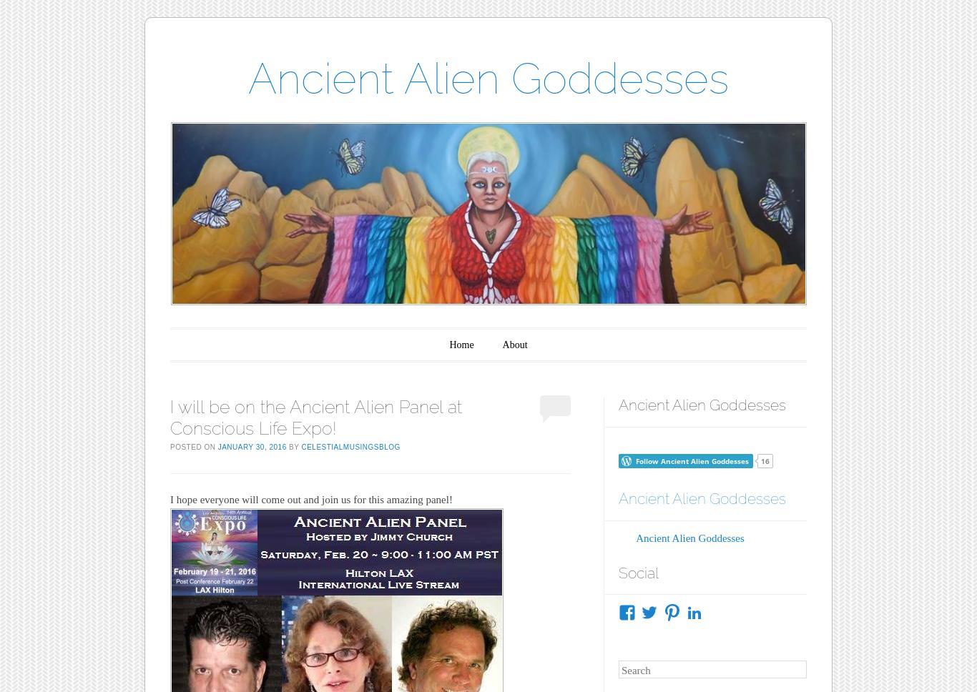 The height and width of the screenshot is (692, 977). What do you see at coordinates (215, 338) in the screenshot?
I see `'Main menu'` at bounding box center [215, 338].